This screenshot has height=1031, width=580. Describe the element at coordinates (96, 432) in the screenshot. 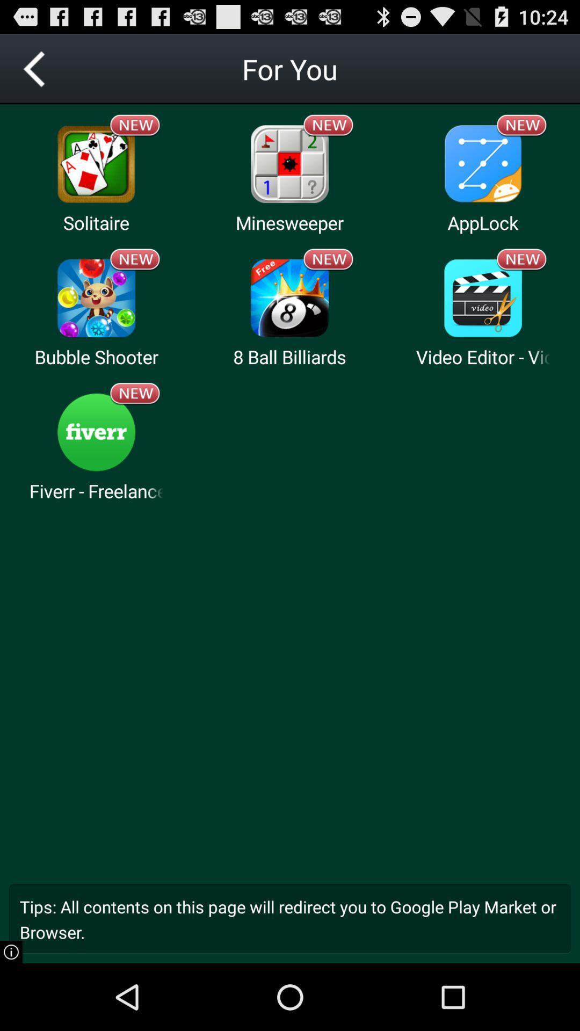

I see `this software` at that location.